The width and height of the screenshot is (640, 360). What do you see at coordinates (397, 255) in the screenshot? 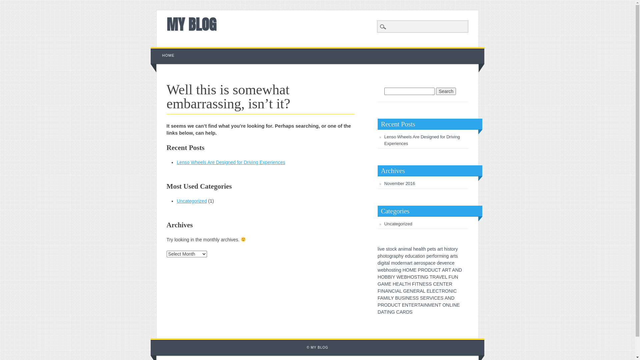
I see `'p'` at bounding box center [397, 255].